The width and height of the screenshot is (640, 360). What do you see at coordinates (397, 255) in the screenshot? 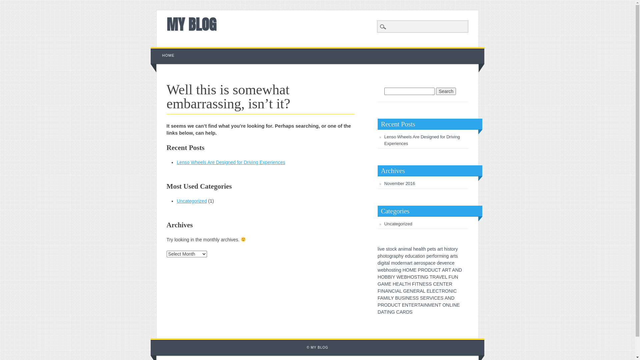
I see `'p'` at bounding box center [397, 255].